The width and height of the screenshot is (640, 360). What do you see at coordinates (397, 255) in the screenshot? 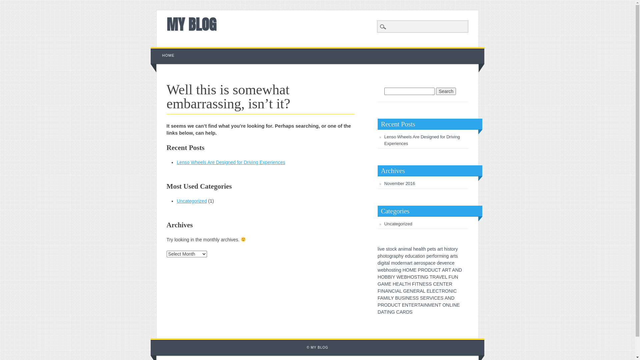
I see `'p'` at bounding box center [397, 255].